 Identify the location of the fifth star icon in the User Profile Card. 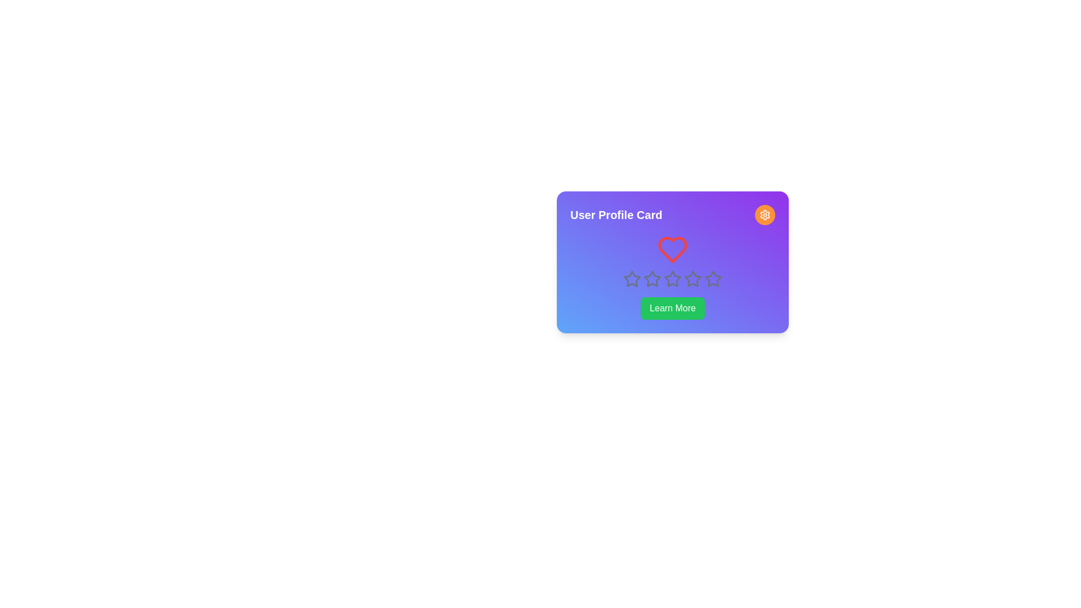
(713, 279).